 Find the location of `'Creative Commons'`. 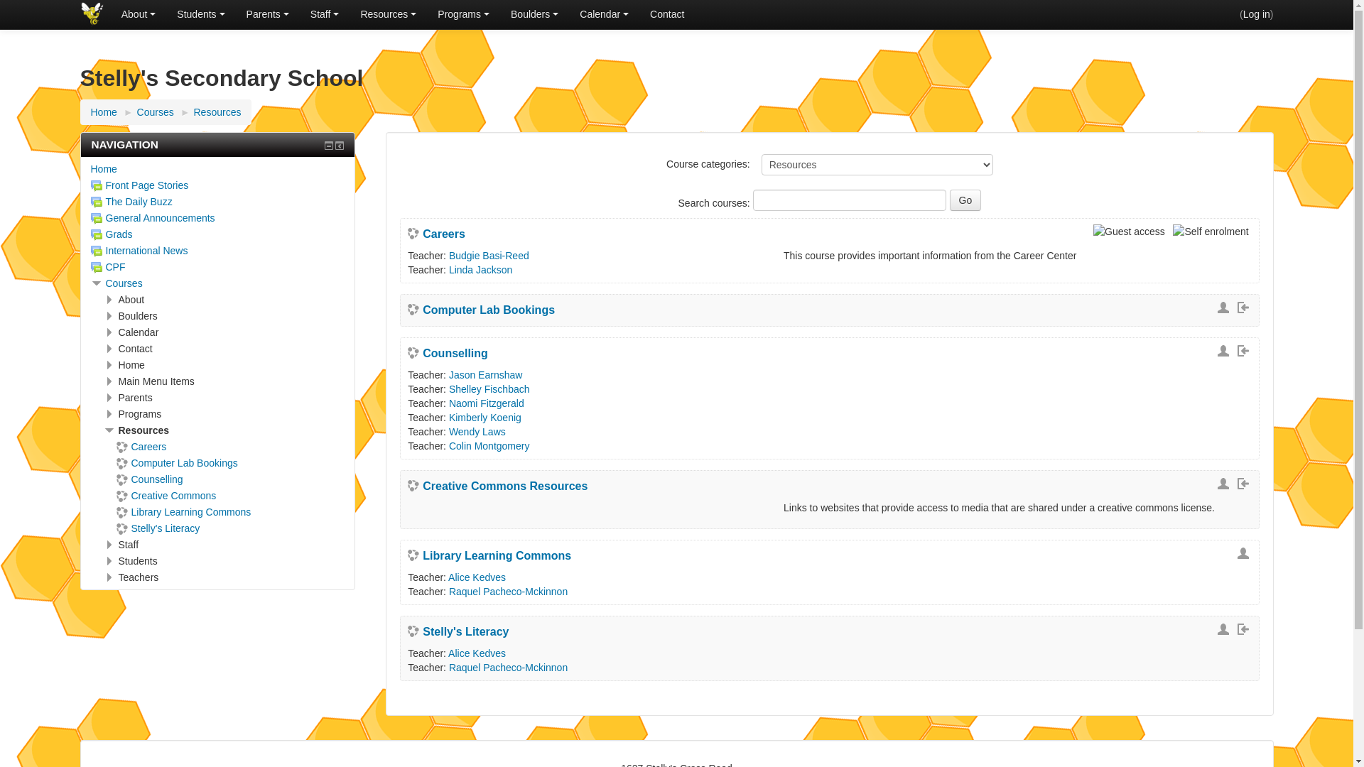

'Creative Commons' is located at coordinates (166, 495).